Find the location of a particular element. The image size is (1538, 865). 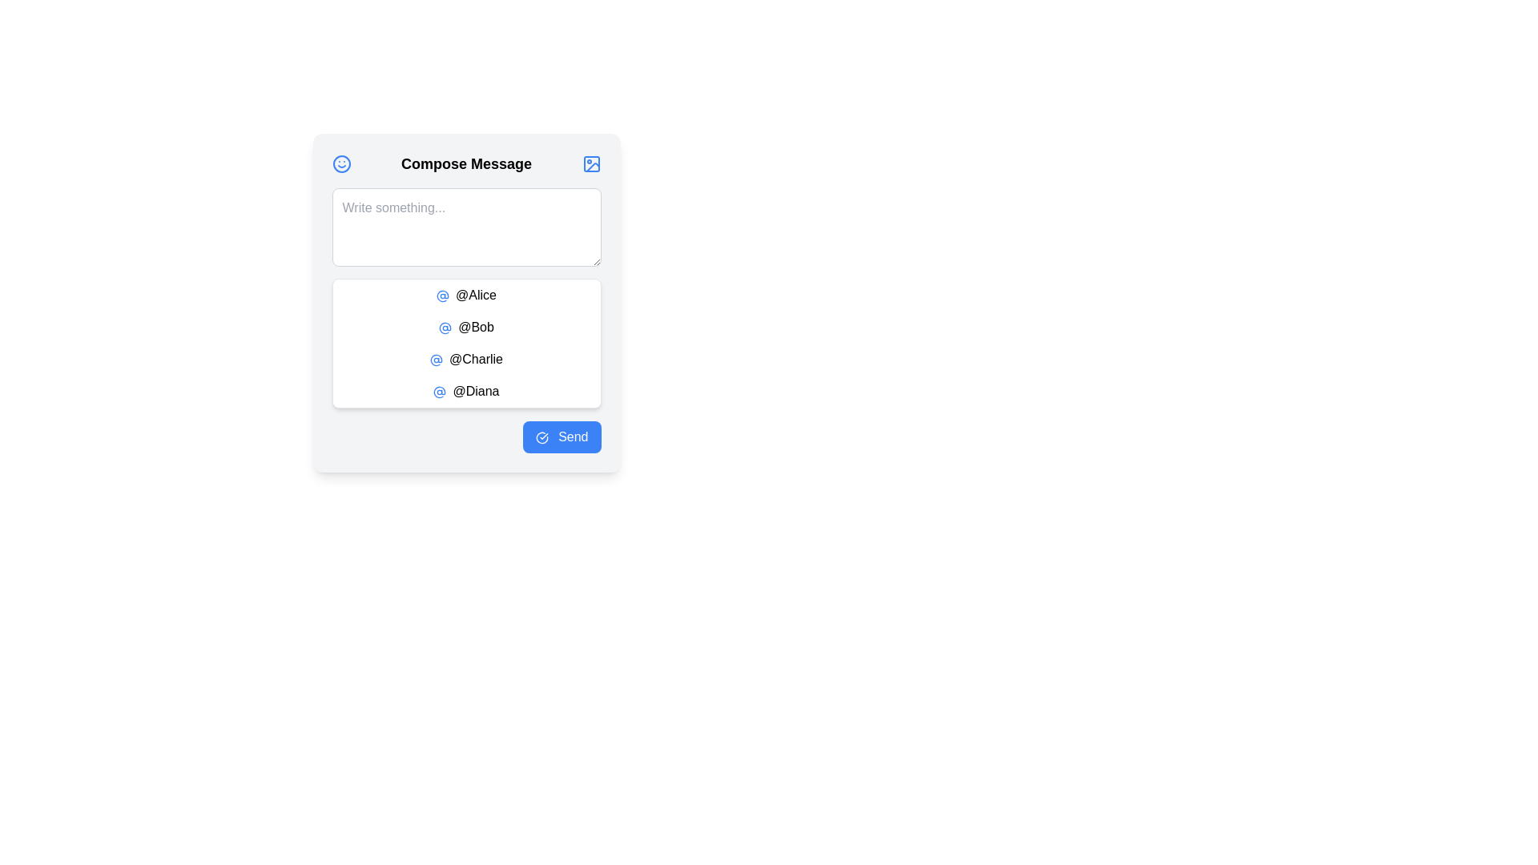

the SVG icon button resembling a photograph in the top-right corner of the 'Compose Message' header to possibly display a tooltip is located at coordinates (590, 163).